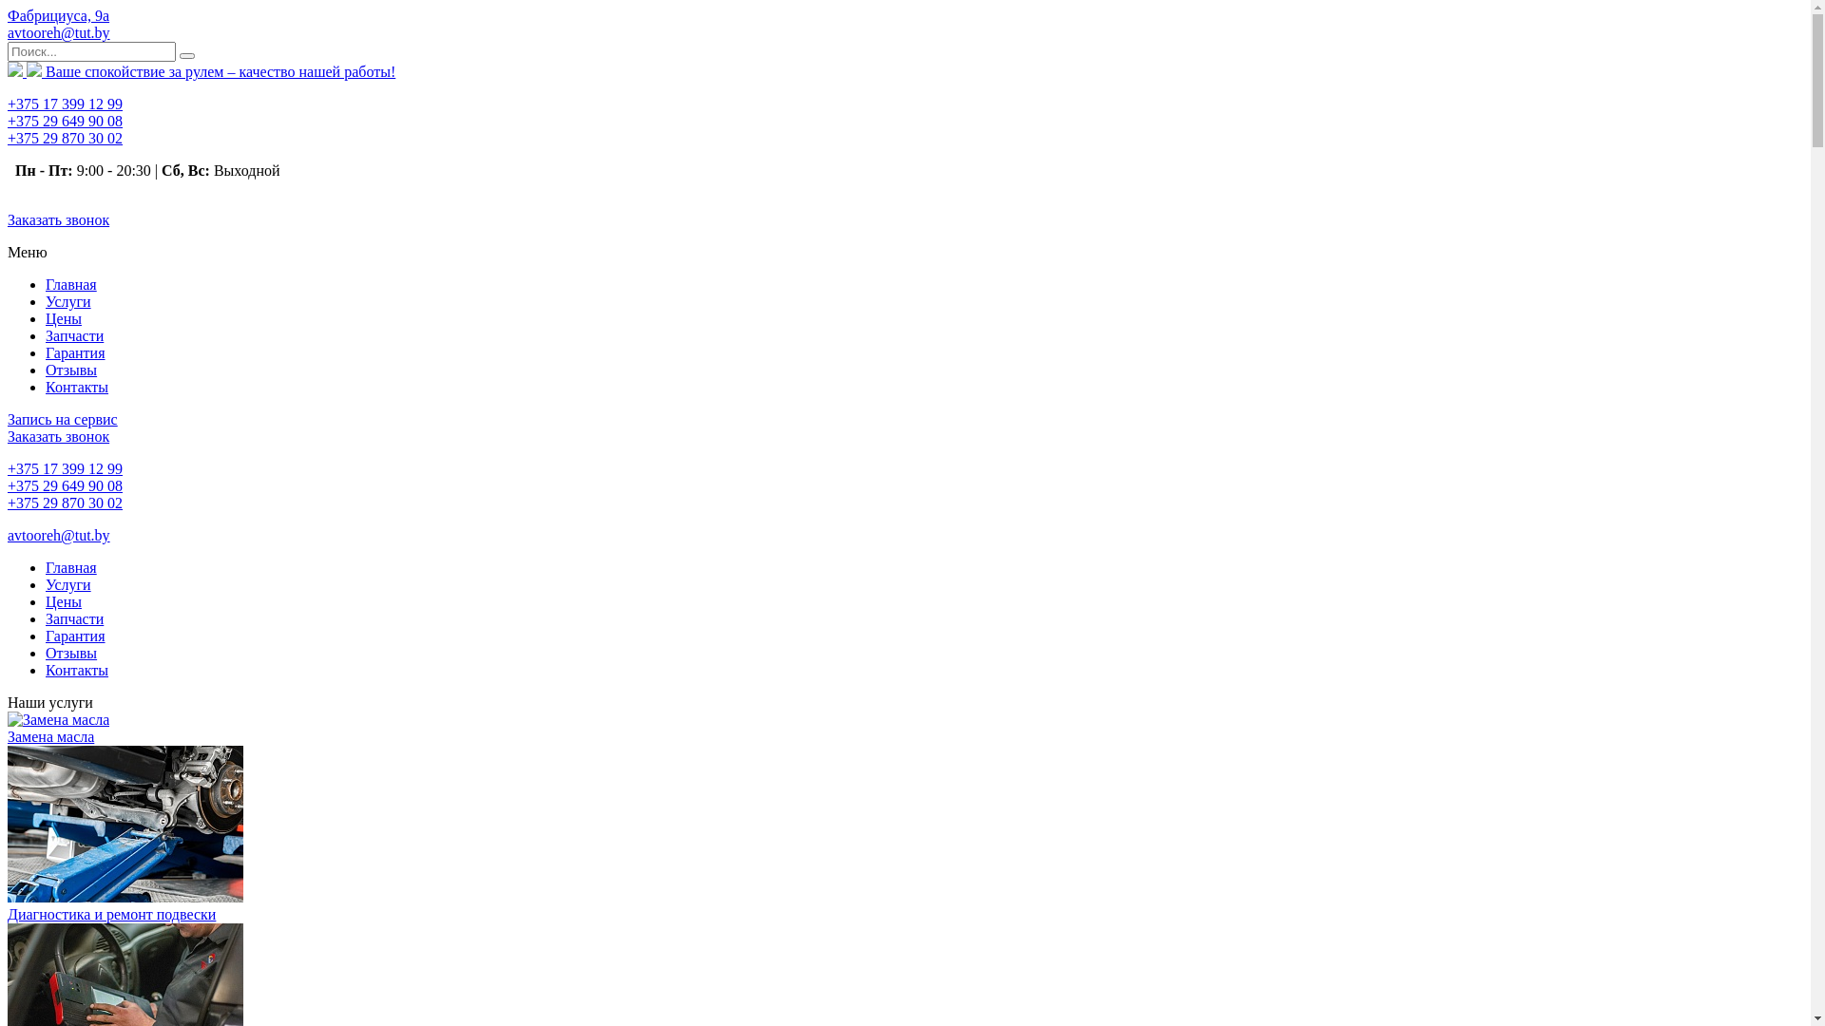  I want to click on 'avtooreh@tut.by', so click(59, 32).